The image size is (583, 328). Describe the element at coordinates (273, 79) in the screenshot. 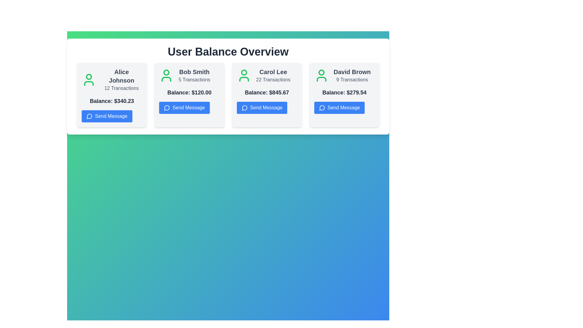

I see `the text label '22 Transactions' located in the third user card from the left, positioned beneath 'Carol Lee' and above the balance amount of '$845.67'` at that location.